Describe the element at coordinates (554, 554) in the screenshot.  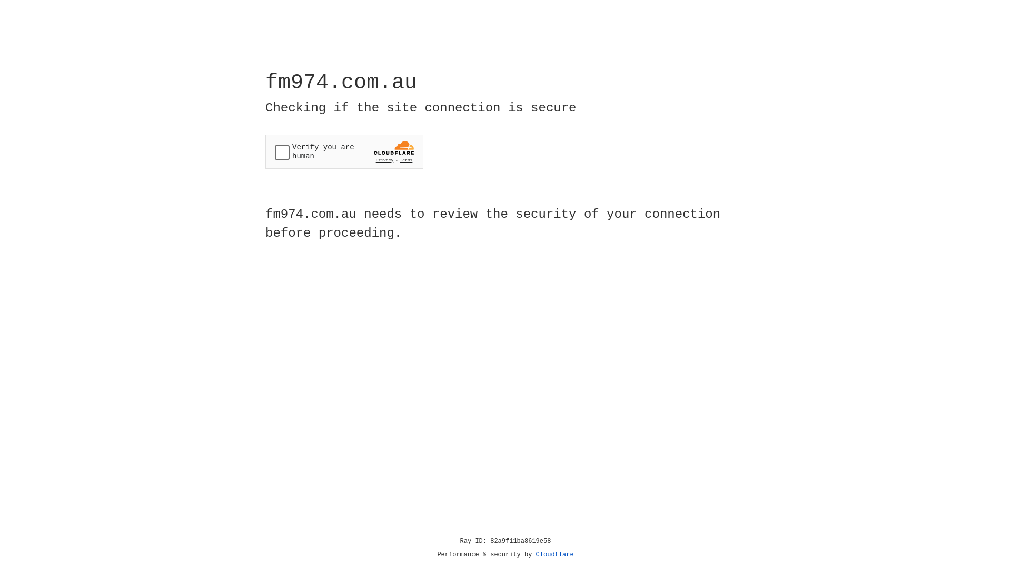
I see `'Cloudflare'` at that location.